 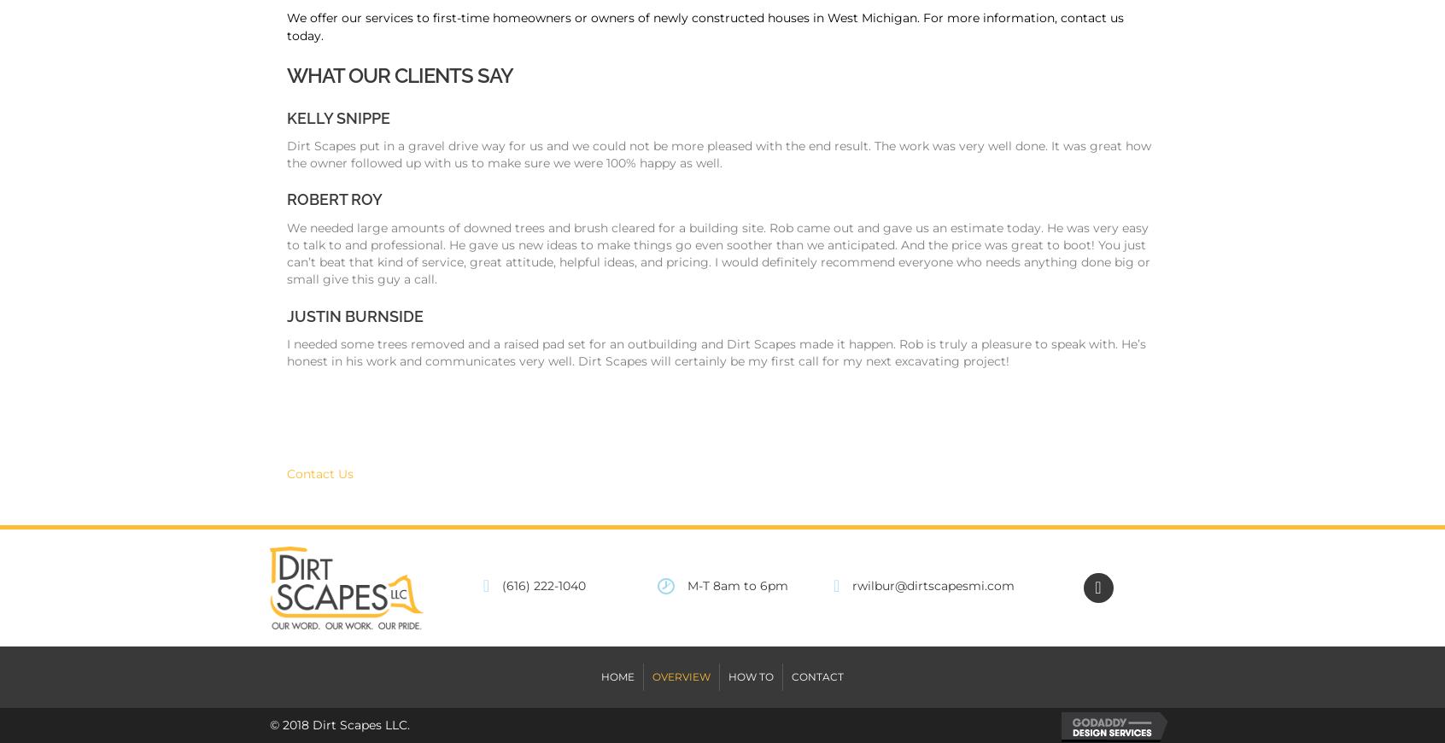 I want to click on 'I needed some trees removed and a raised pad set for an outbuilding and Dirt Scapes made it happen. Rob is truly a pleasure to speak with. He’s honest in his work and communicates very well. Dirt Scapes will certainly be my first call for my next excavating project!', so click(x=286, y=352).